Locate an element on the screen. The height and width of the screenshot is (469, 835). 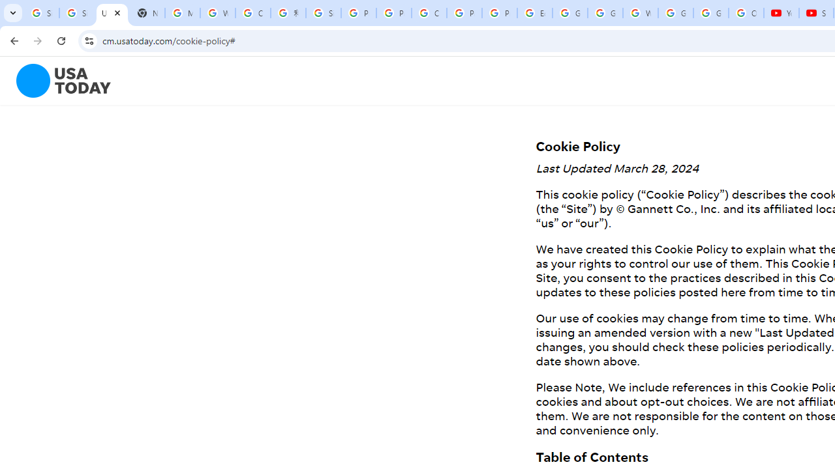
'To get missing image descriptions, open the context menu.' is located at coordinates (55, 81).